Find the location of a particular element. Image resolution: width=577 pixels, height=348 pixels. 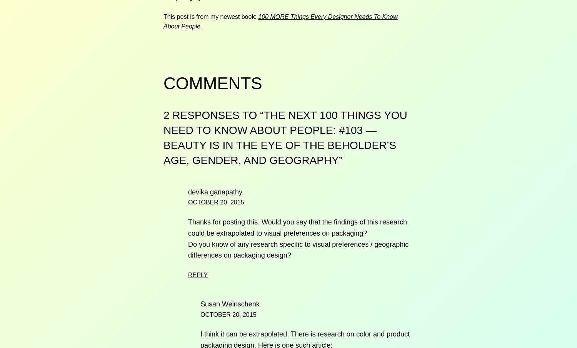

'Do you know of any research specific to visual preferences / geographic differences on packaging design?' is located at coordinates (188, 249).